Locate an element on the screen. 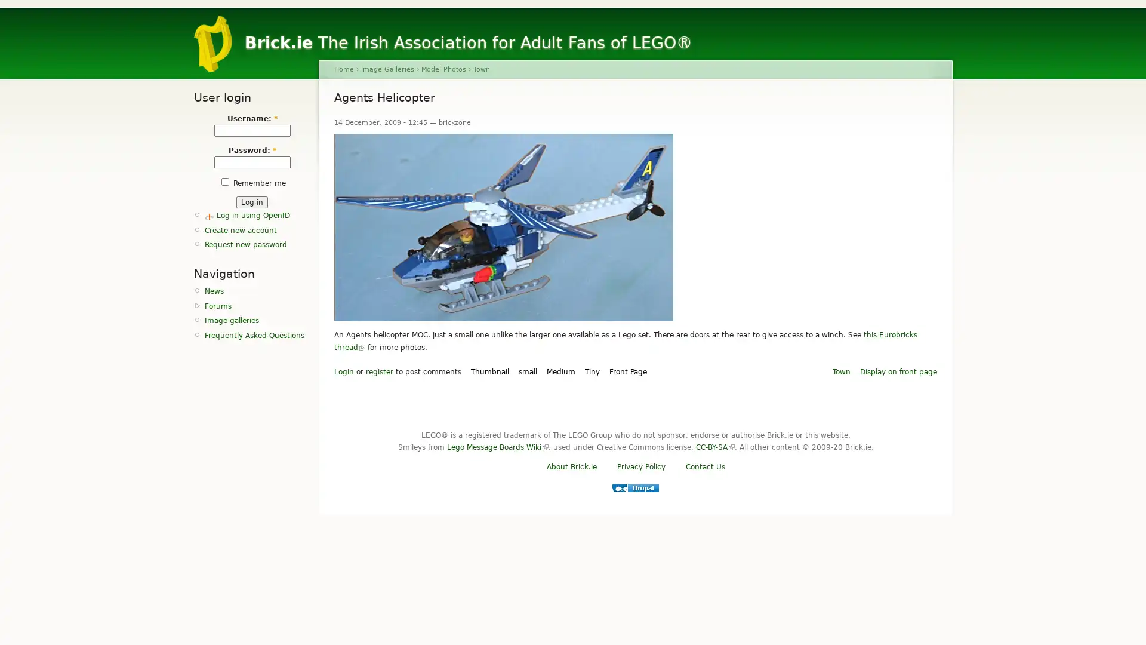  Log in is located at coordinates (251, 201).